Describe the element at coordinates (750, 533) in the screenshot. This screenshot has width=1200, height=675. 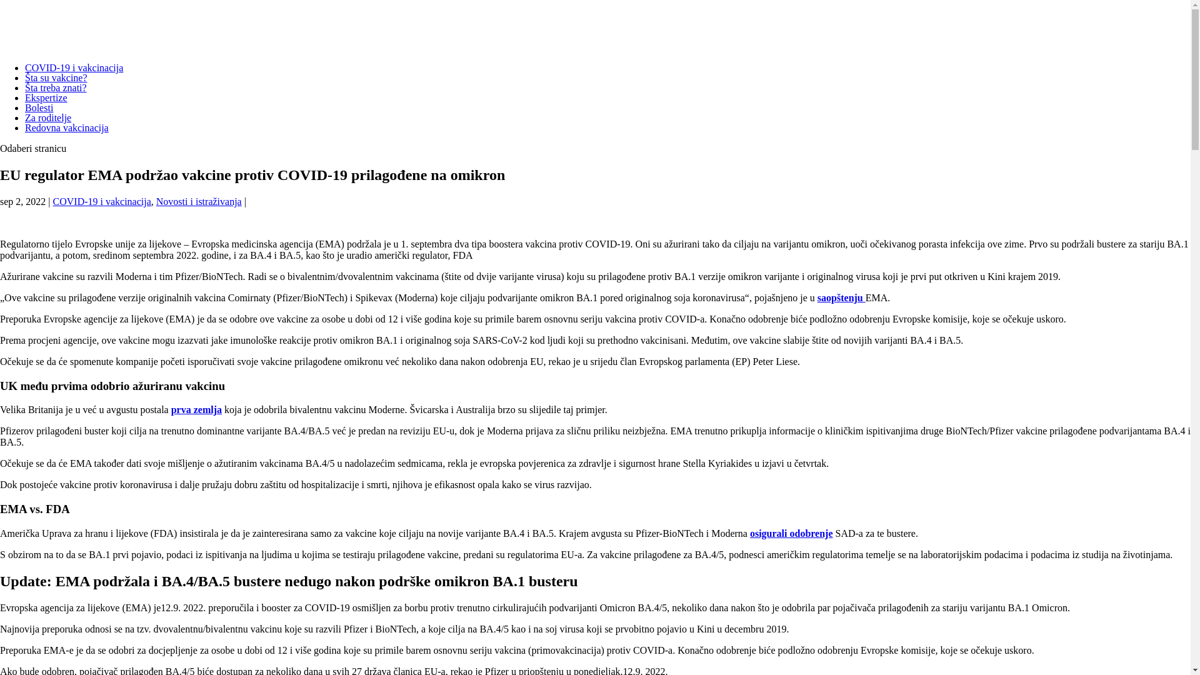
I see `'osigurali odobrenje'` at that location.